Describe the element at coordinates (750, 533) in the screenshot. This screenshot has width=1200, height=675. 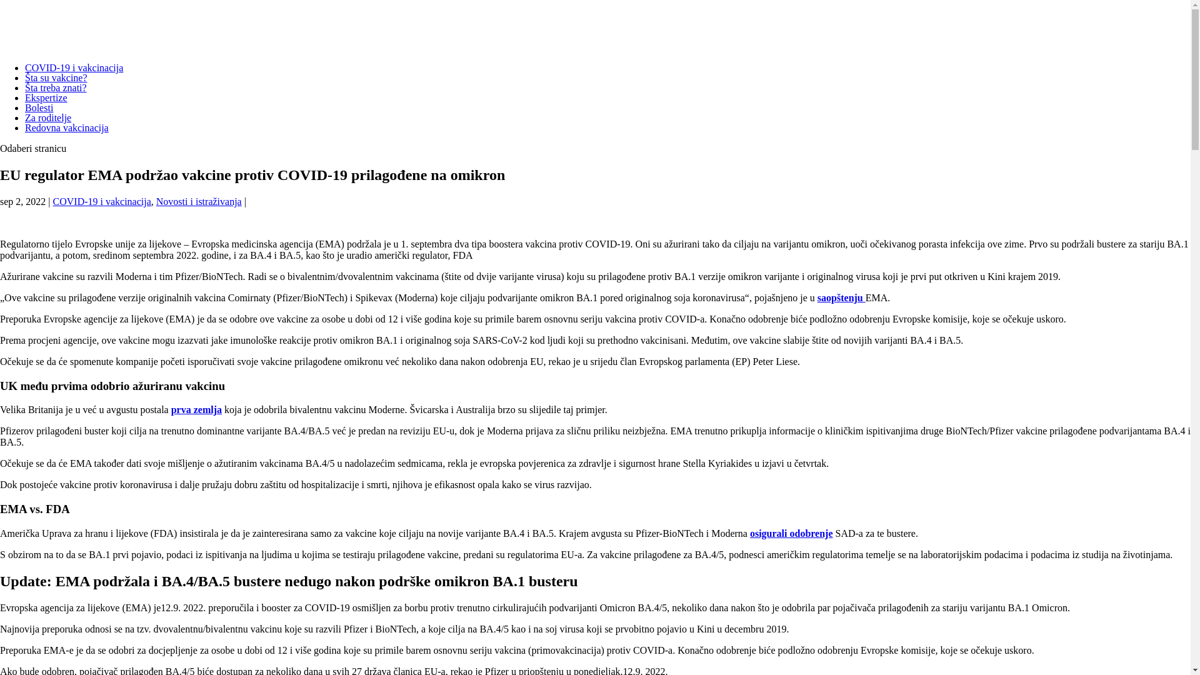
I see `'osigurali odobrenje'` at that location.